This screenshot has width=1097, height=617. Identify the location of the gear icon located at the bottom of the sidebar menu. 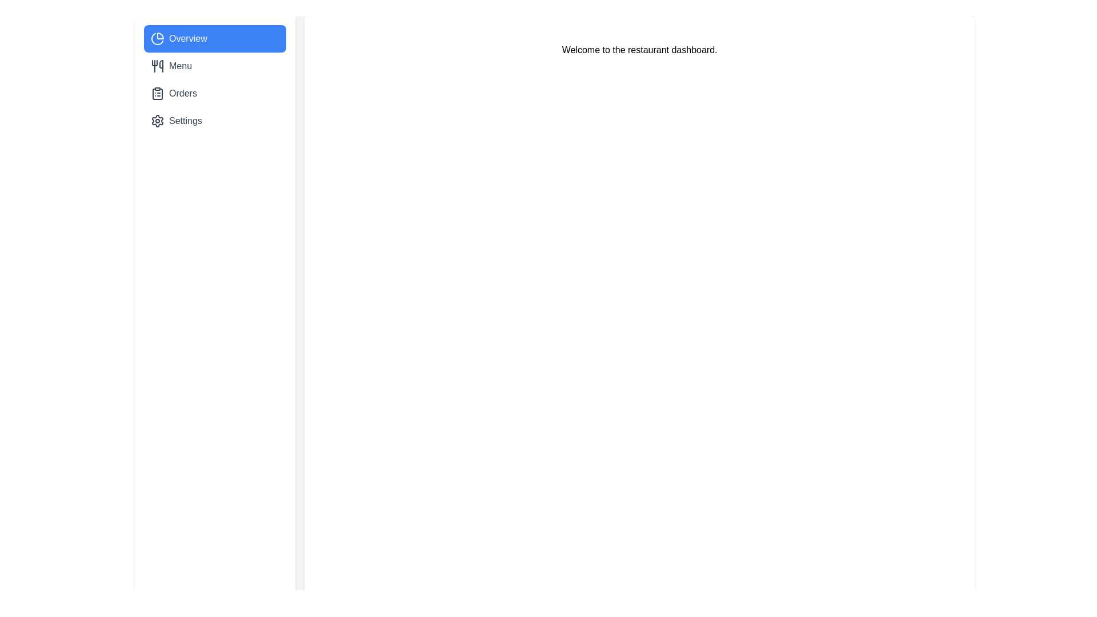
(157, 121).